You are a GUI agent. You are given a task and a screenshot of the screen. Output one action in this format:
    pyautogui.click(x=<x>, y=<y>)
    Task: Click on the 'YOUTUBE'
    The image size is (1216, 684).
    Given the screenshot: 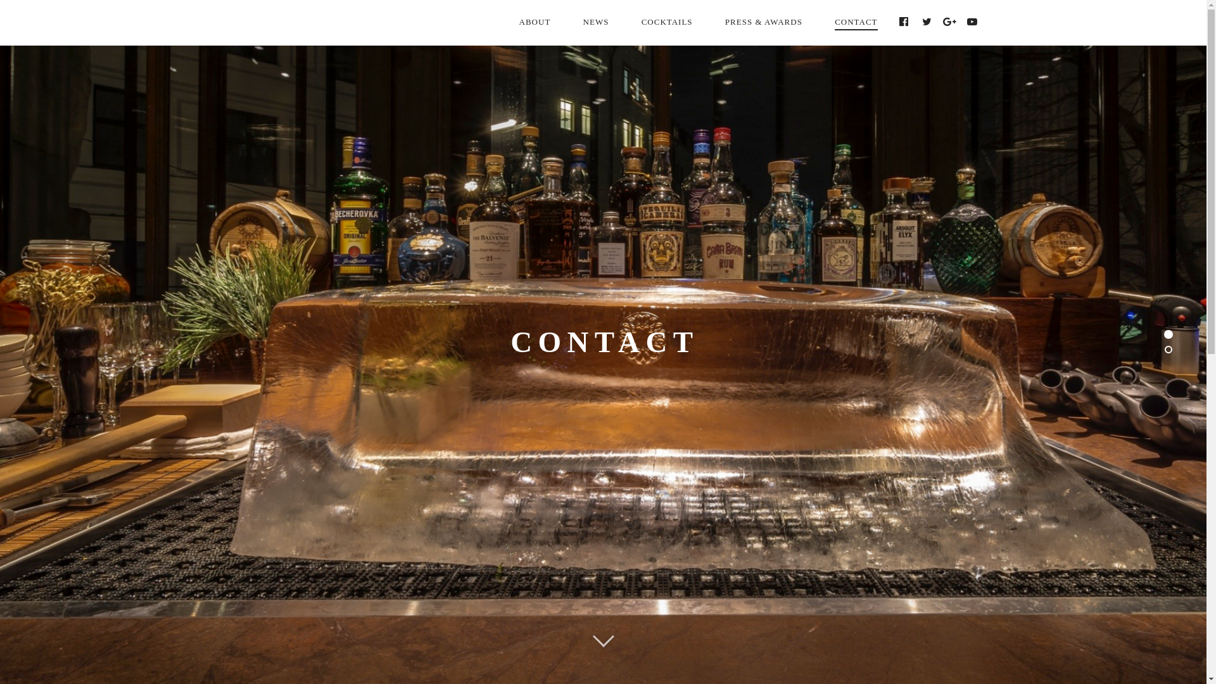 What is the action you would take?
    pyautogui.click(x=972, y=22)
    